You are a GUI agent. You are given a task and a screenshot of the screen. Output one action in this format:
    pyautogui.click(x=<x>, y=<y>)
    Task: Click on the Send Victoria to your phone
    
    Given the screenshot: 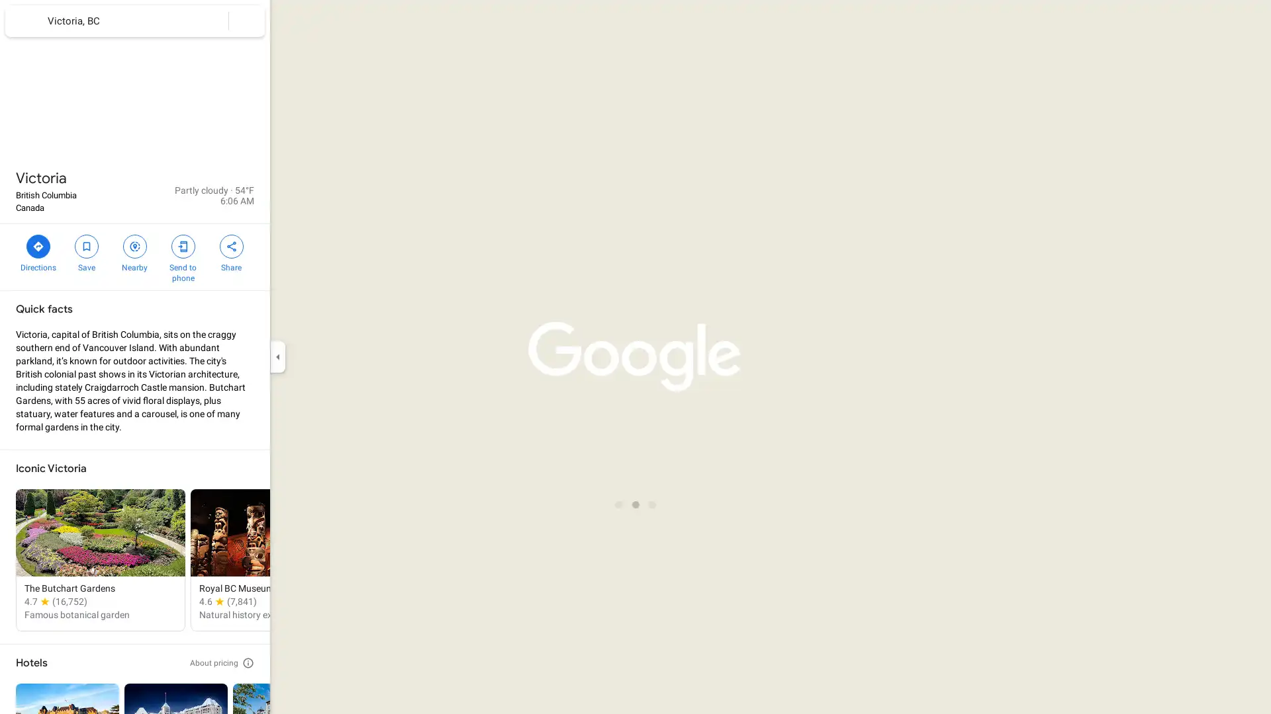 What is the action you would take?
    pyautogui.click(x=182, y=257)
    